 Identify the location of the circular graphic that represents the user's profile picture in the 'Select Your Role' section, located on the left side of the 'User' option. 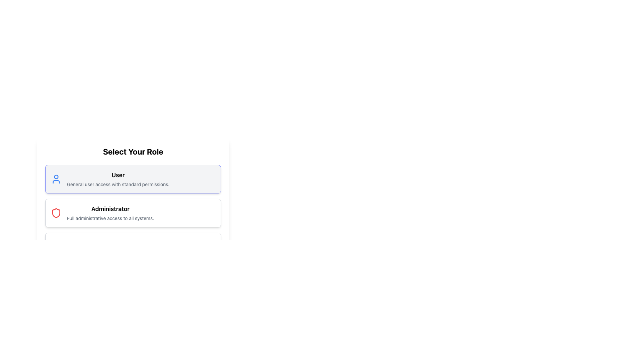
(56, 177).